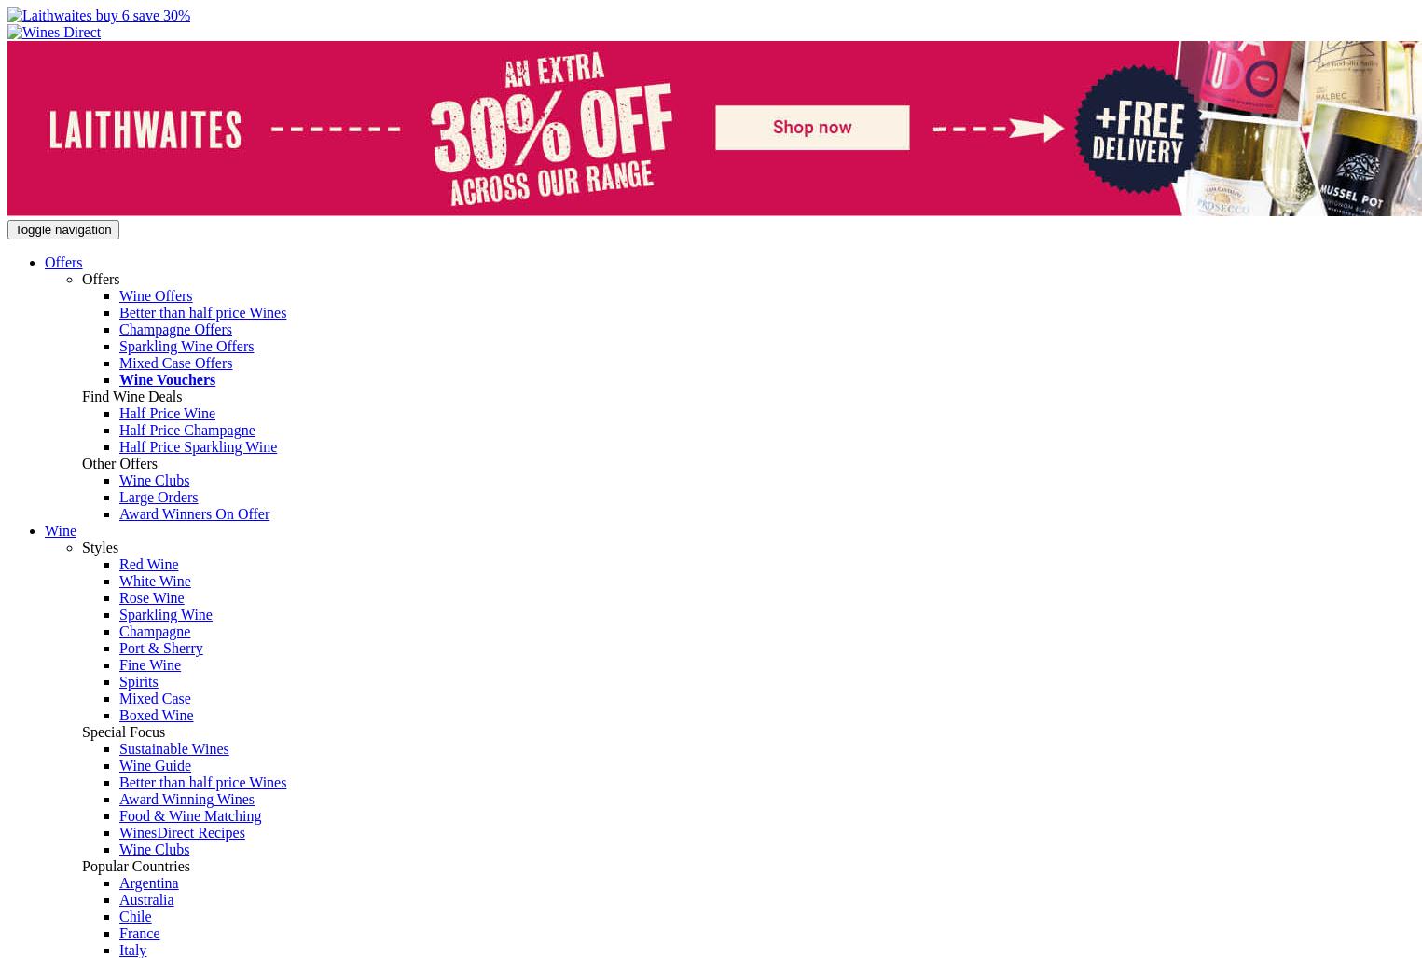  What do you see at coordinates (138, 932) in the screenshot?
I see `'France'` at bounding box center [138, 932].